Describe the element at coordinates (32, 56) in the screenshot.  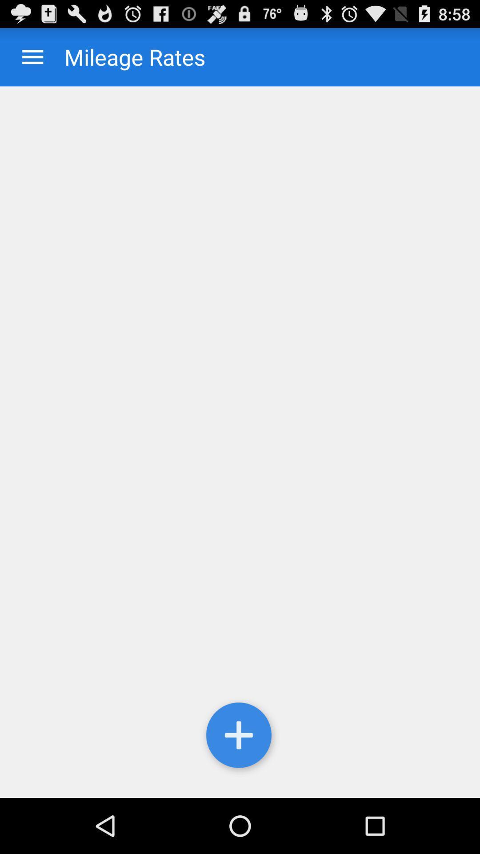
I see `icon to the left of mileage rates` at that location.